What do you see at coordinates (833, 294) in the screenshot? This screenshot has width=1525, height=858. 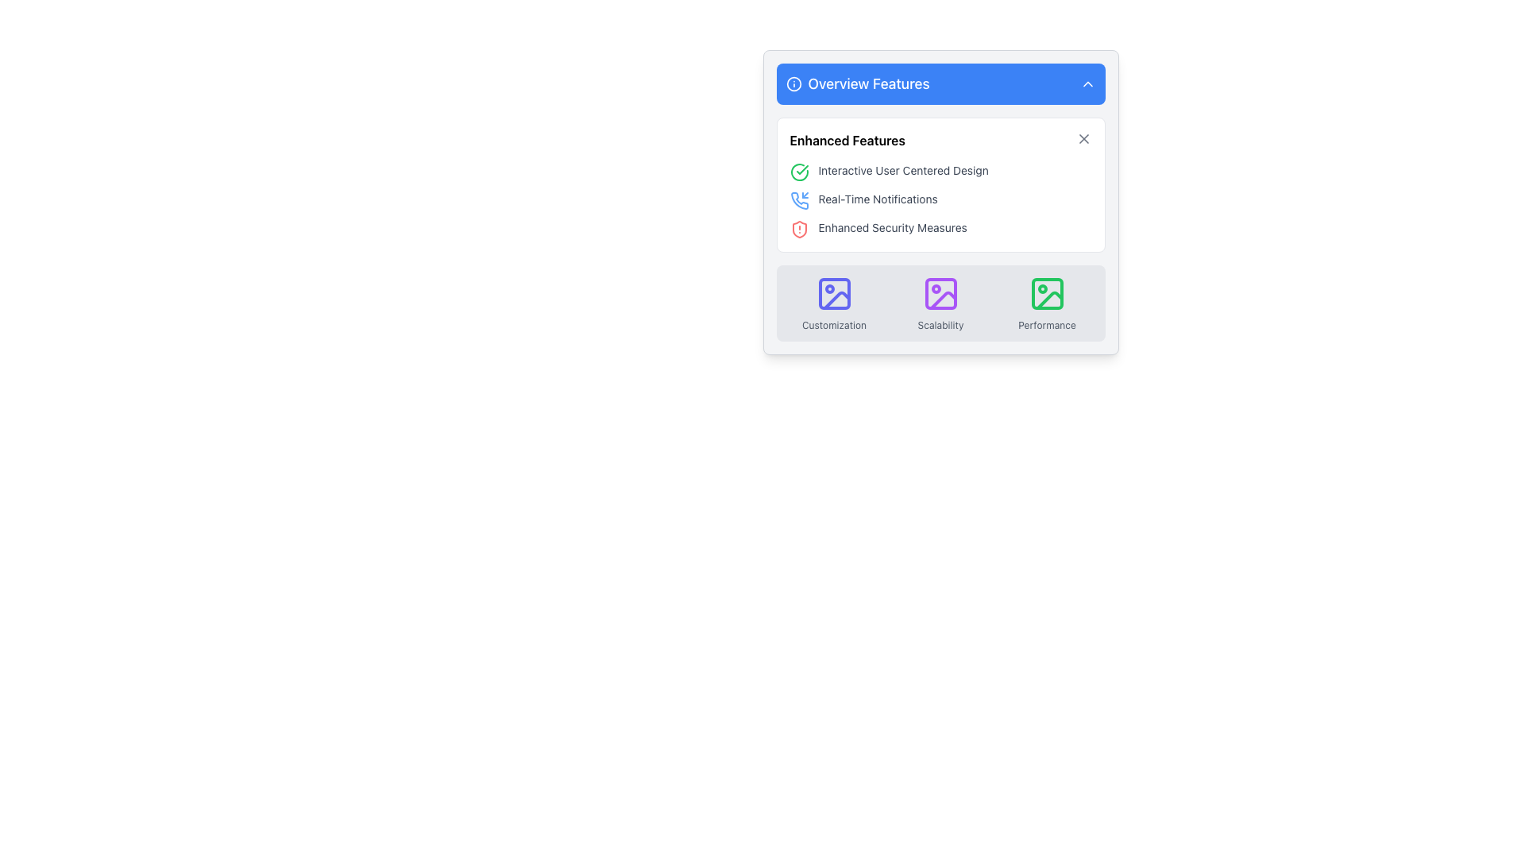 I see `the indigo square icon with rounded corners located above the 'Customization' label in the 'Overview Features' section` at bounding box center [833, 294].